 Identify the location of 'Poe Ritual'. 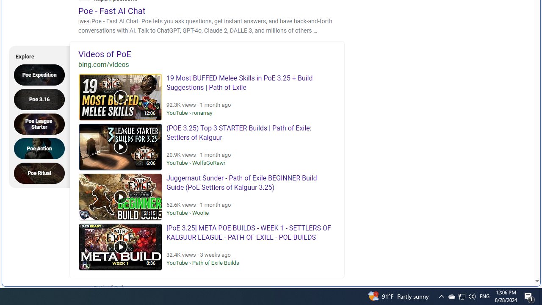
(41, 172).